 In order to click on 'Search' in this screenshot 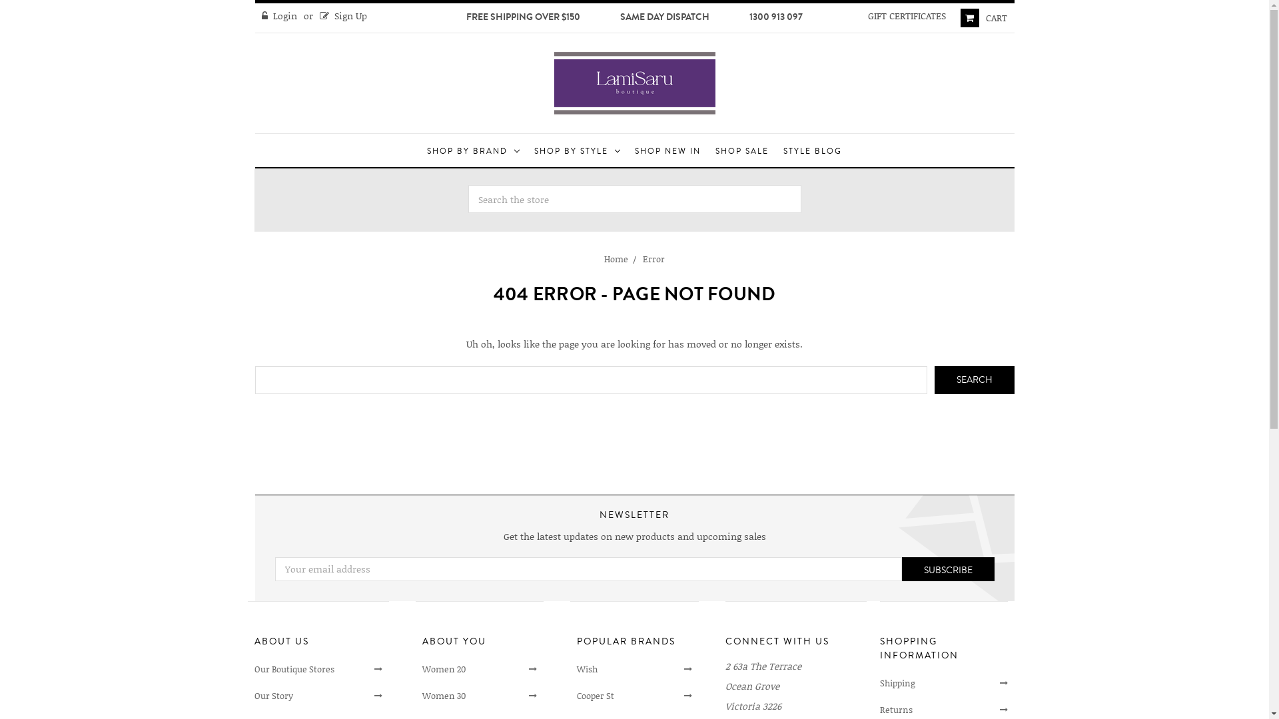, I will do `click(975, 379)`.